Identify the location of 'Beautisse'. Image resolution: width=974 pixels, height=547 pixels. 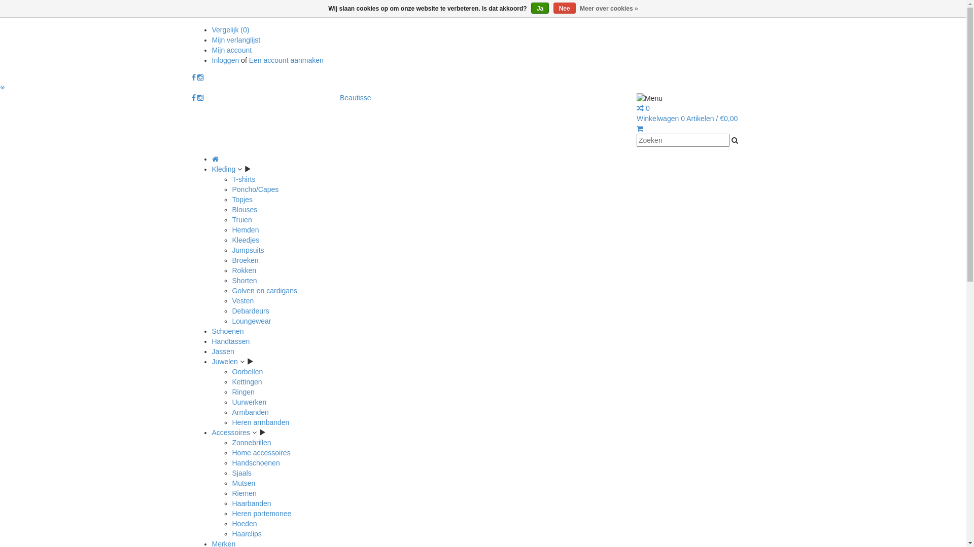
(355, 97).